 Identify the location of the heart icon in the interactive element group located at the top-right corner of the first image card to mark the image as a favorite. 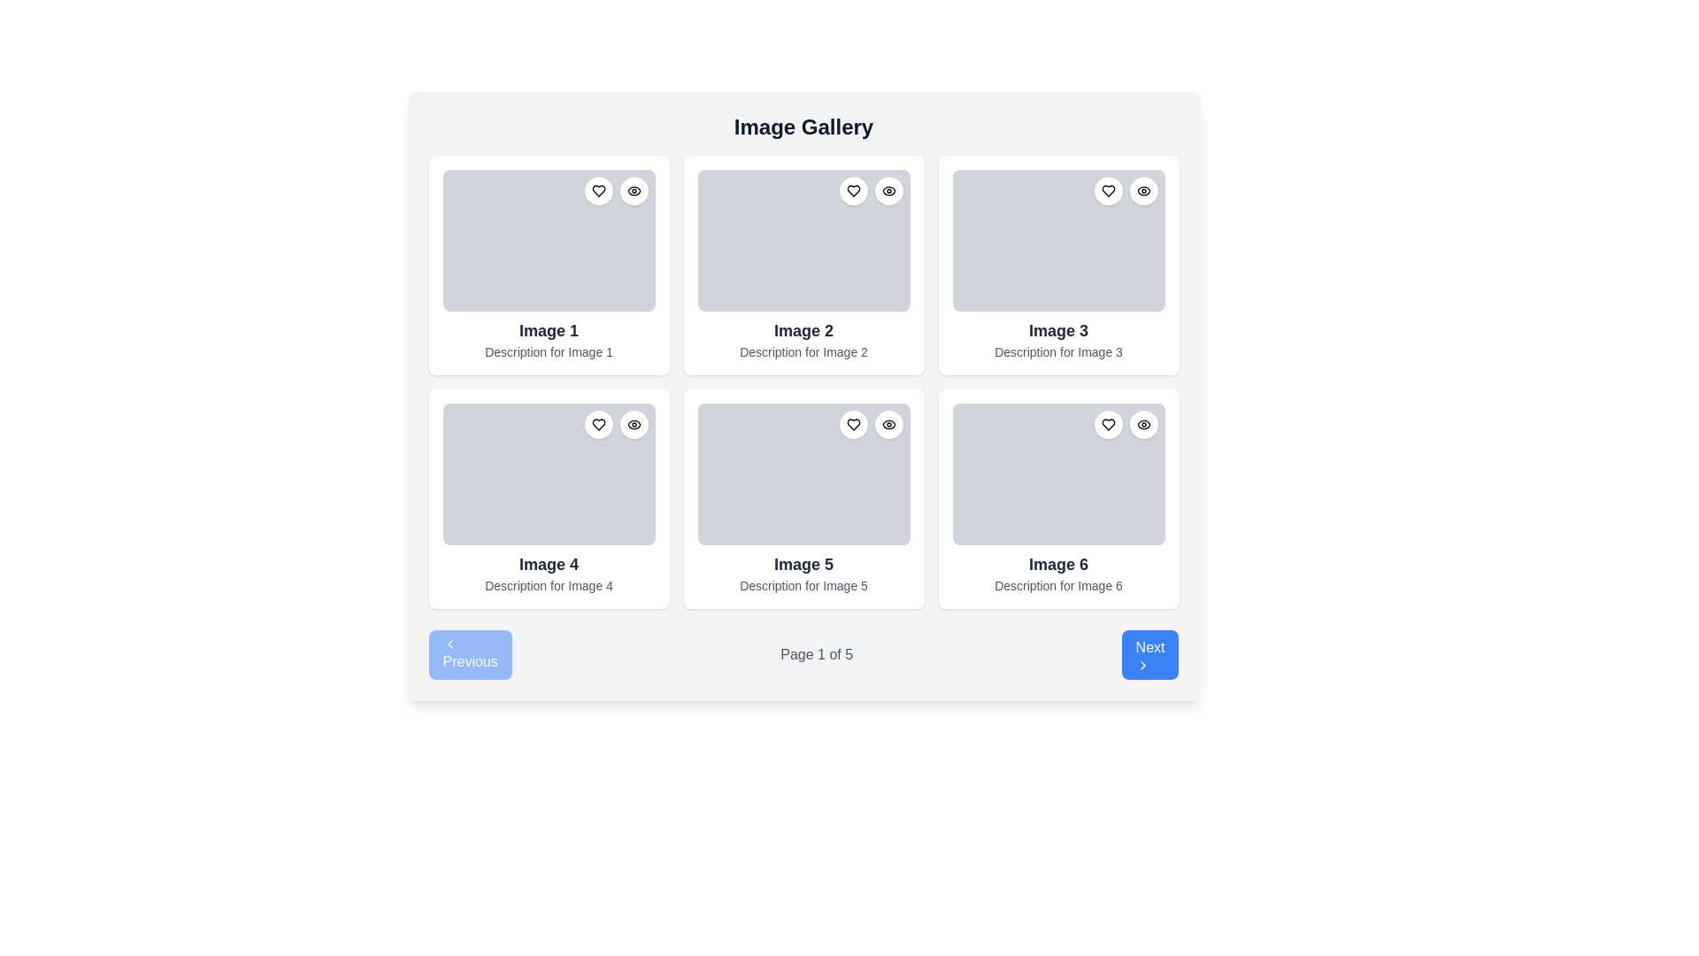
(616, 191).